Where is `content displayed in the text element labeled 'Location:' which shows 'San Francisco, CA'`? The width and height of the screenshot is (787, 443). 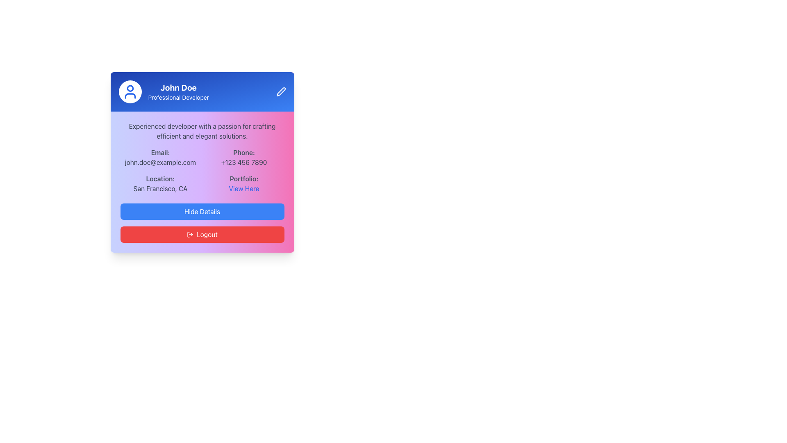
content displayed in the text element labeled 'Location:' which shows 'San Francisco, CA' is located at coordinates (160, 183).